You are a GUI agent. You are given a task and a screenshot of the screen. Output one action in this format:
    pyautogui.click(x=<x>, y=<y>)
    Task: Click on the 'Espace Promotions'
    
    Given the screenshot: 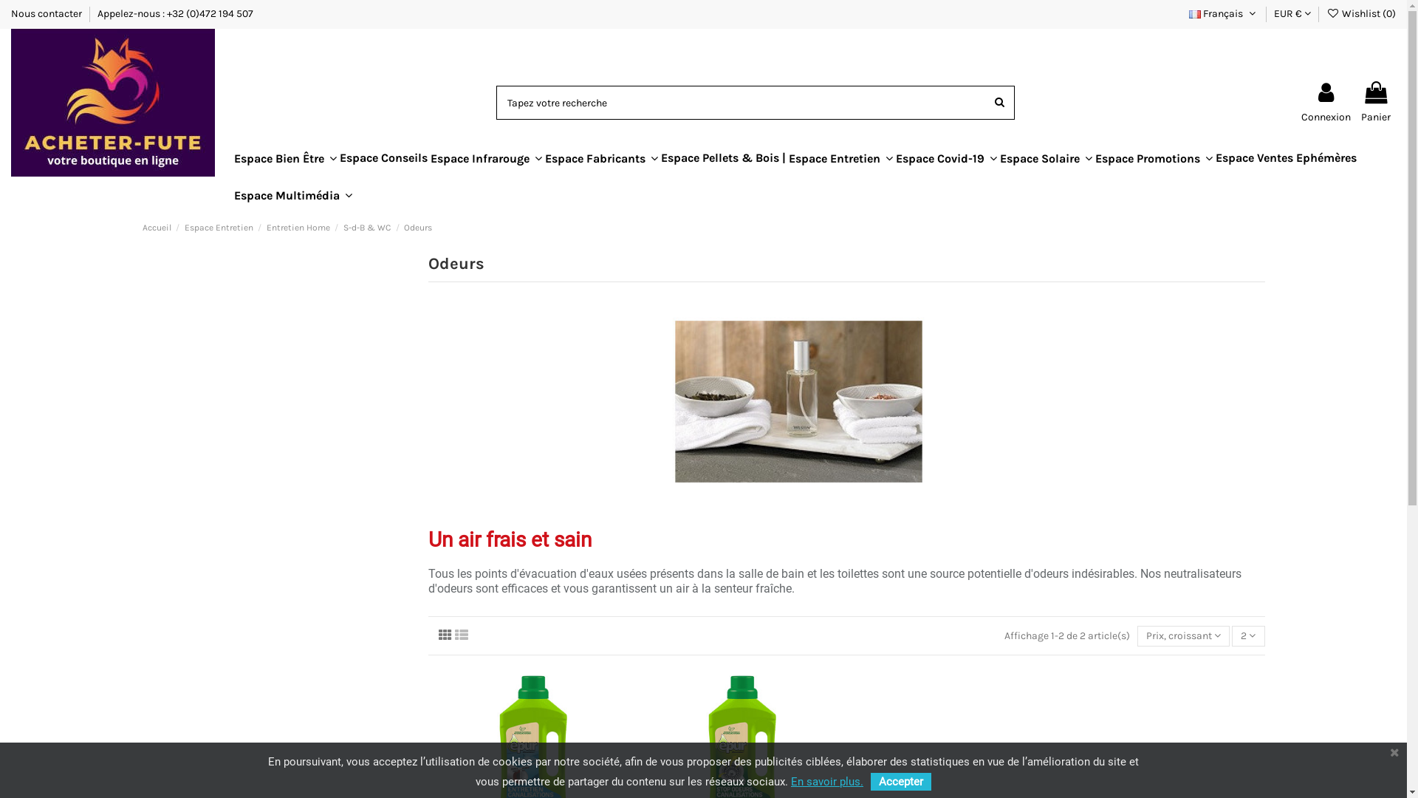 What is the action you would take?
    pyautogui.click(x=1153, y=157)
    